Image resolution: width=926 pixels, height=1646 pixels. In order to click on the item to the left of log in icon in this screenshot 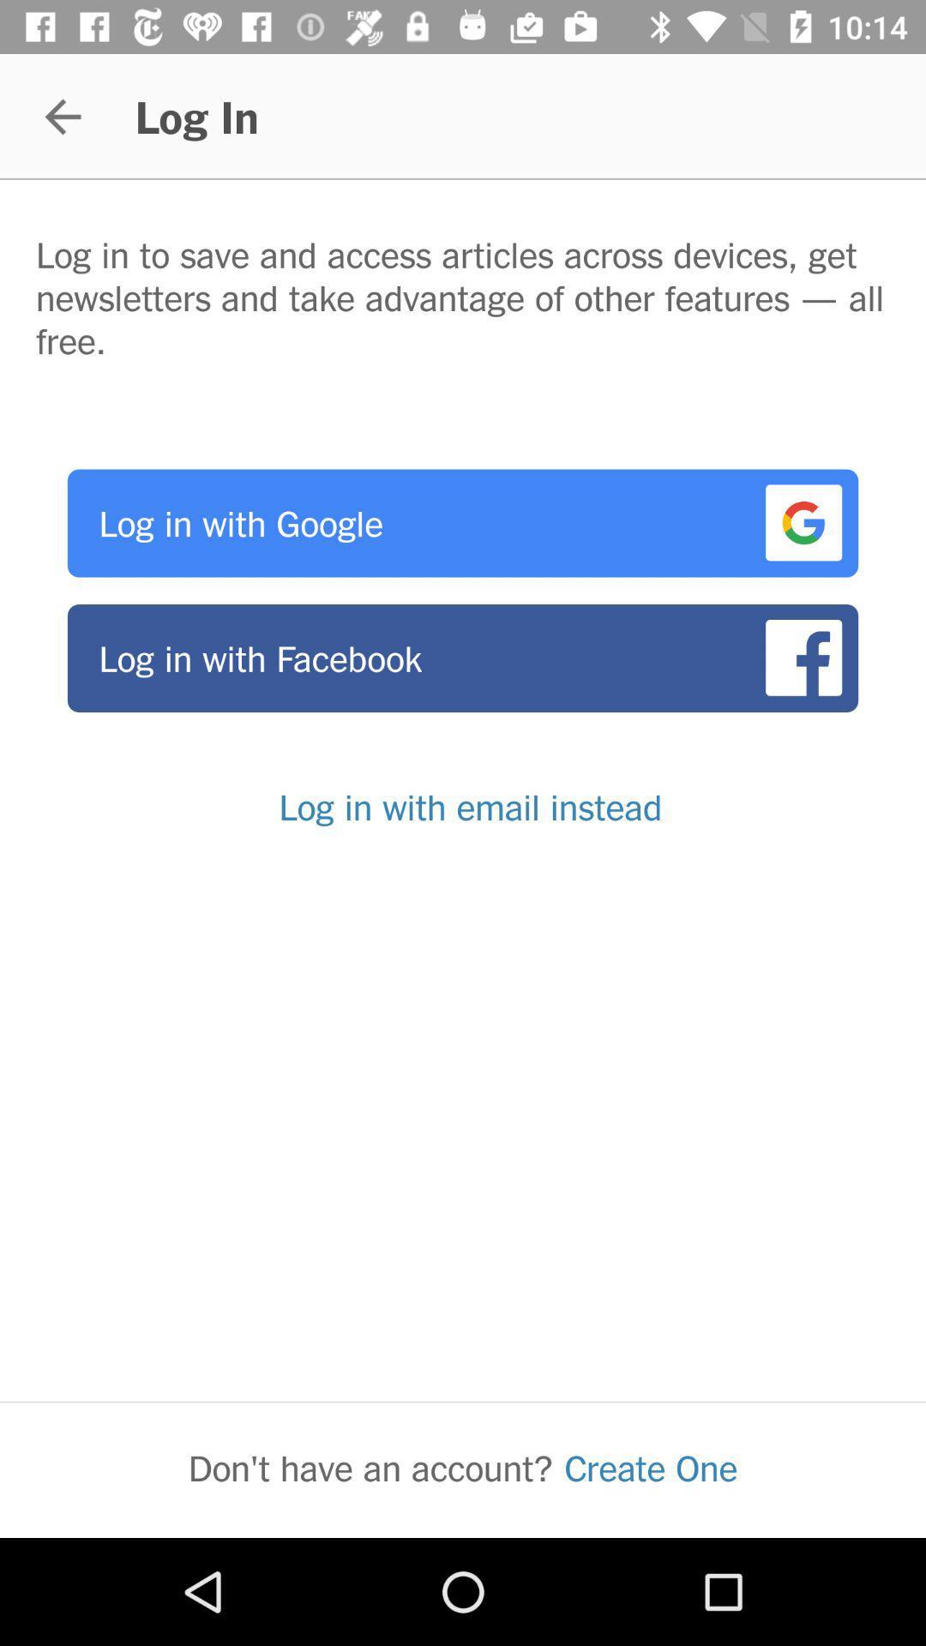, I will do `click(62, 116)`.